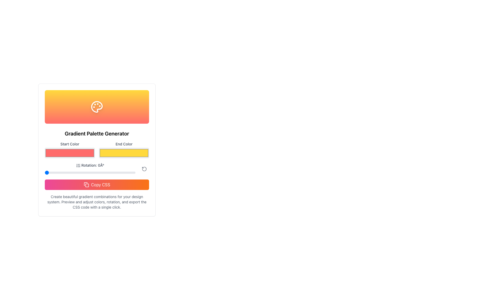 Image resolution: width=503 pixels, height=283 pixels. Describe the element at coordinates (59, 173) in the screenshot. I see `rotation` at that location.